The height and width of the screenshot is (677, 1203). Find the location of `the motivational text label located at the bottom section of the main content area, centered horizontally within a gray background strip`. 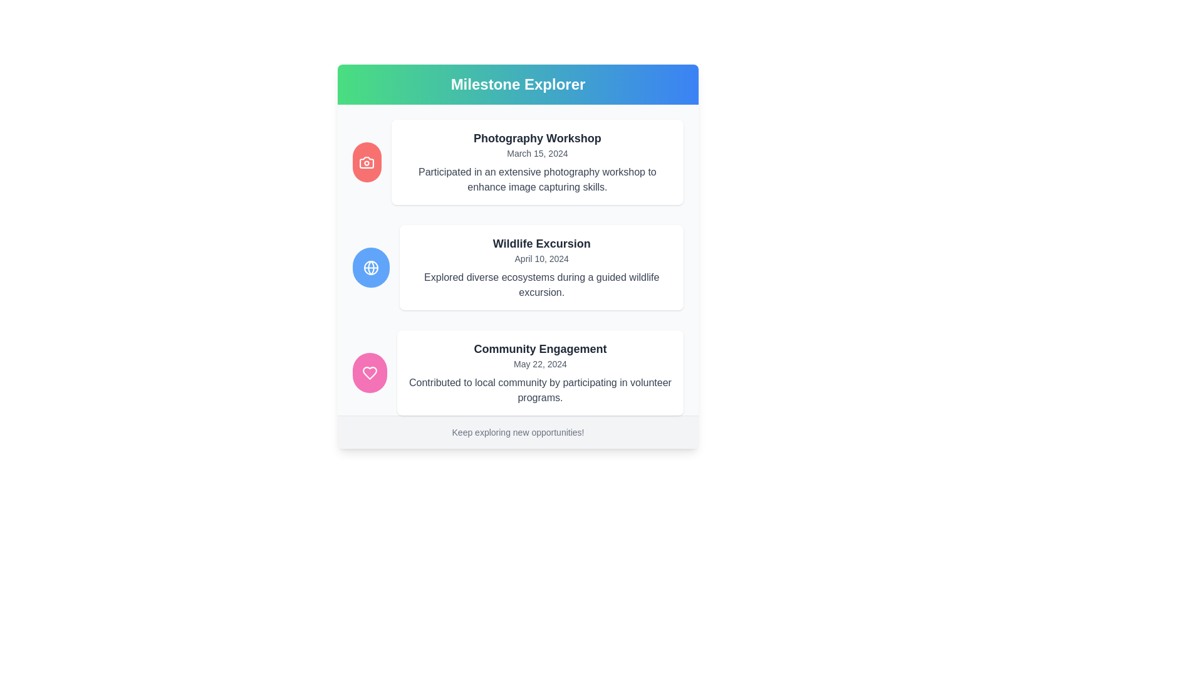

the motivational text label located at the bottom section of the main content area, centered horizontally within a gray background strip is located at coordinates (518, 432).